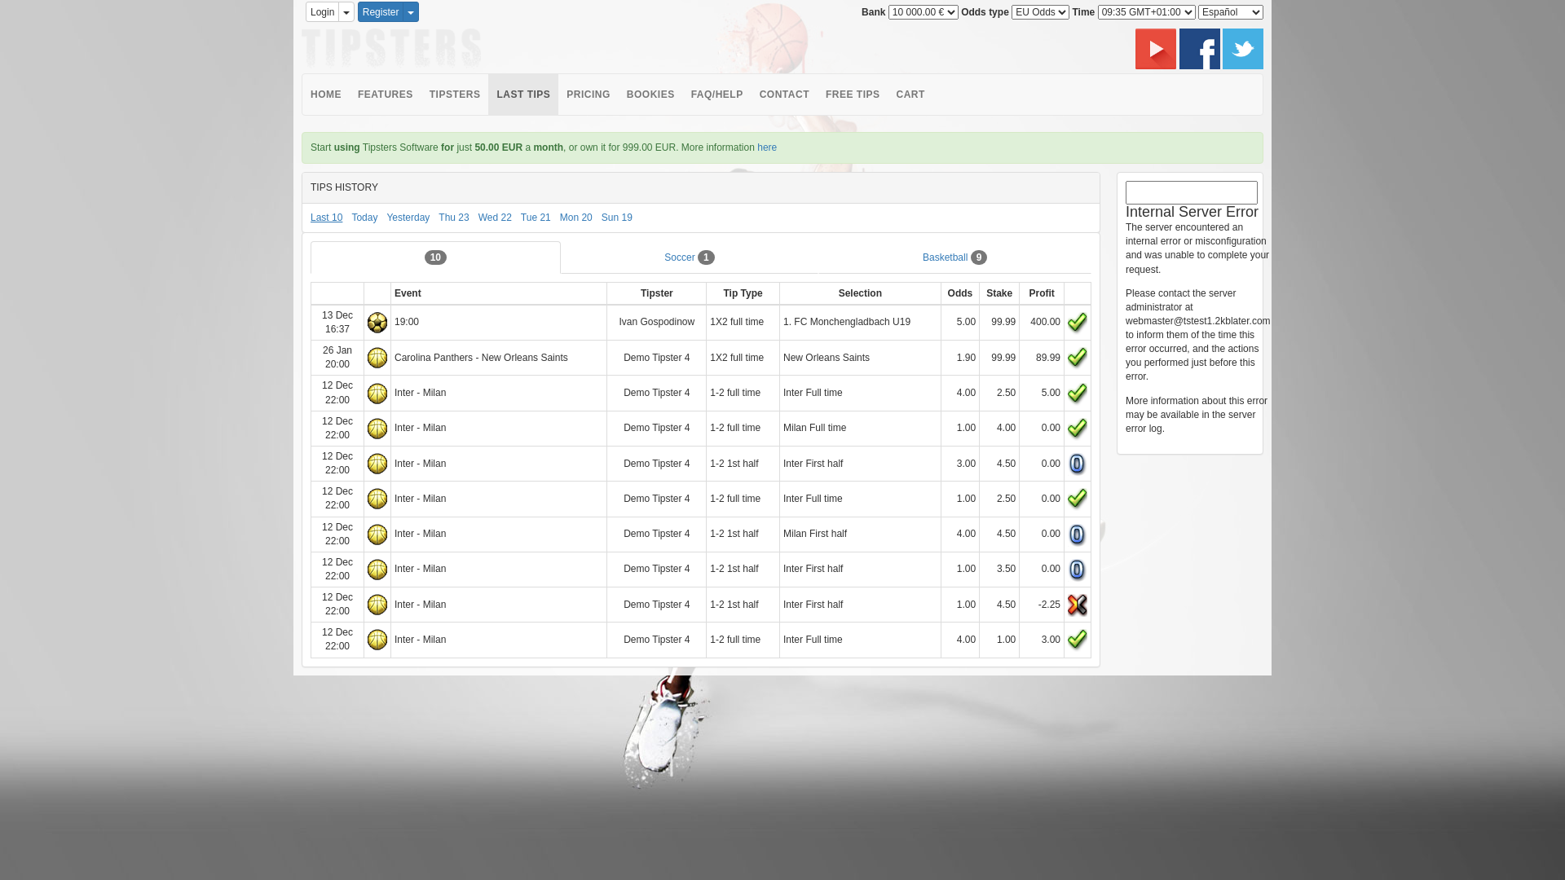 This screenshot has height=880, width=1565. What do you see at coordinates (411, 11) in the screenshot?
I see `'Toggle Dropdown'` at bounding box center [411, 11].